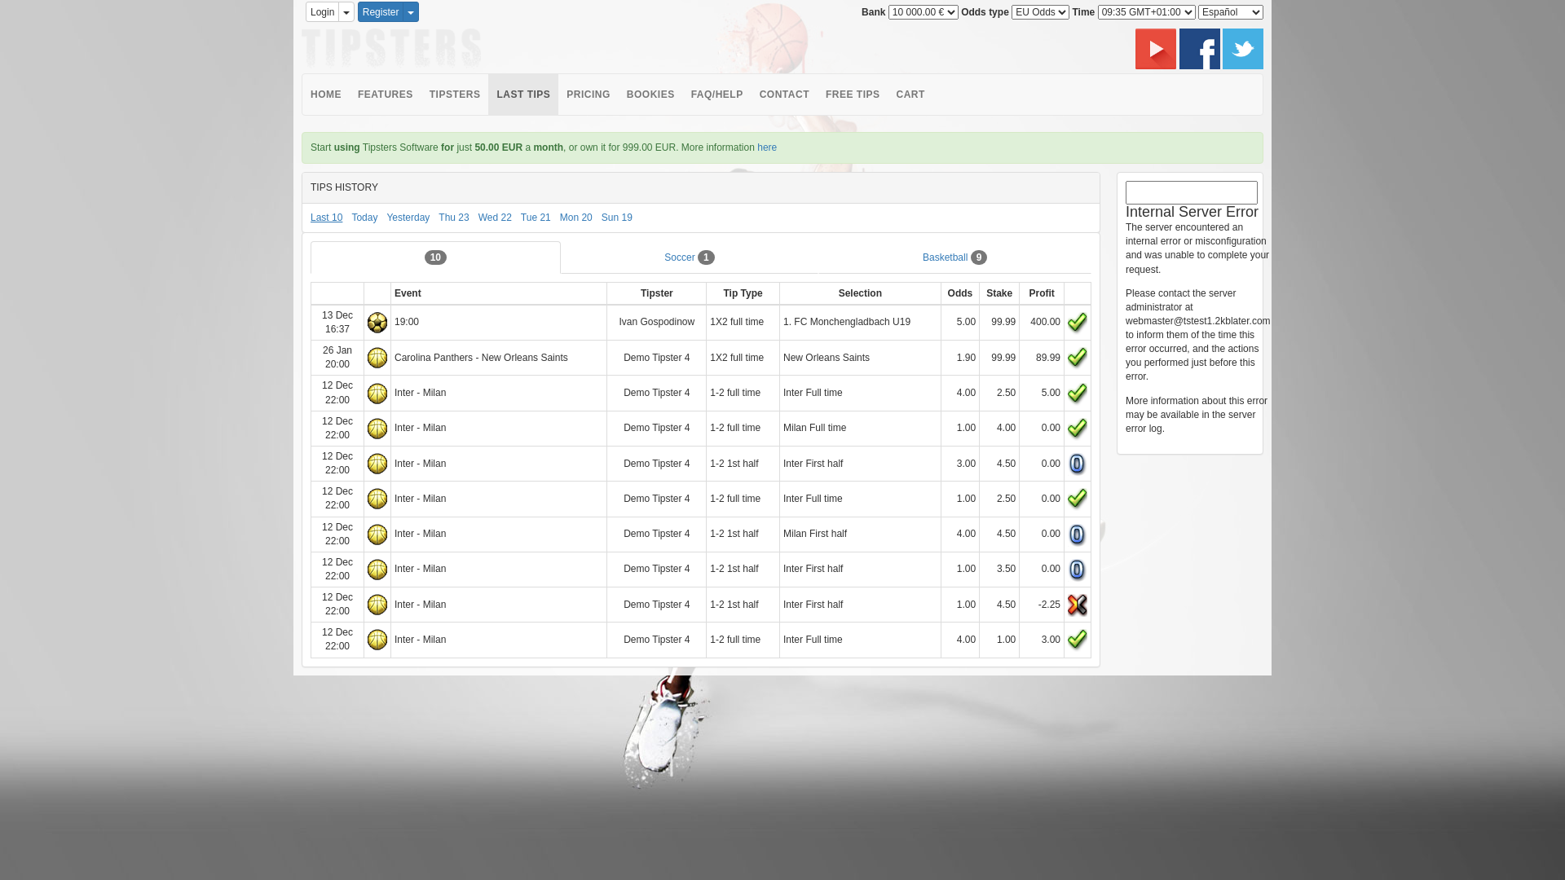 This screenshot has height=880, width=1565. What do you see at coordinates (411, 11) in the screenshot?
I see `'Toggle Dropdown'` at bounding box center [411, 11].